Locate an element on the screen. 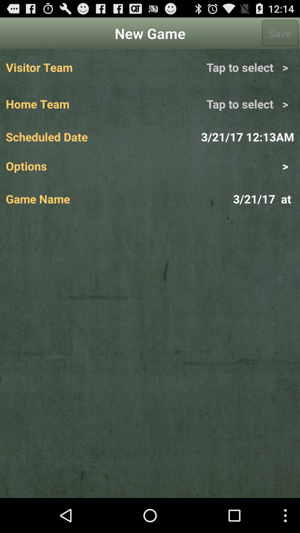  item at the bottom is located at coordinates (150, 358).